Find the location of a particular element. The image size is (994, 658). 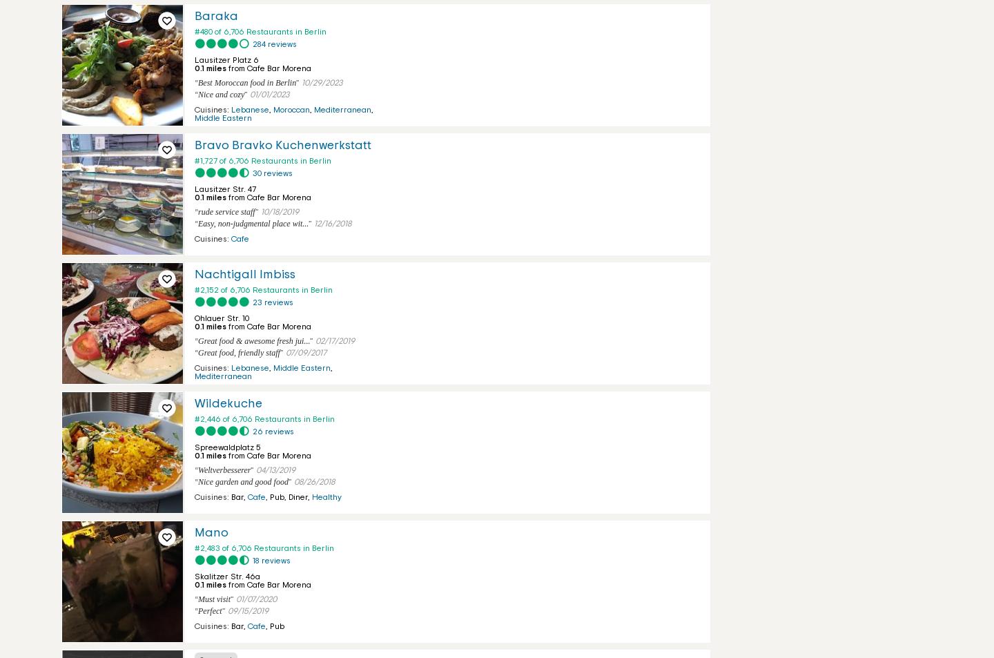

'01/01/2023' is located at coordinates (269, 94).